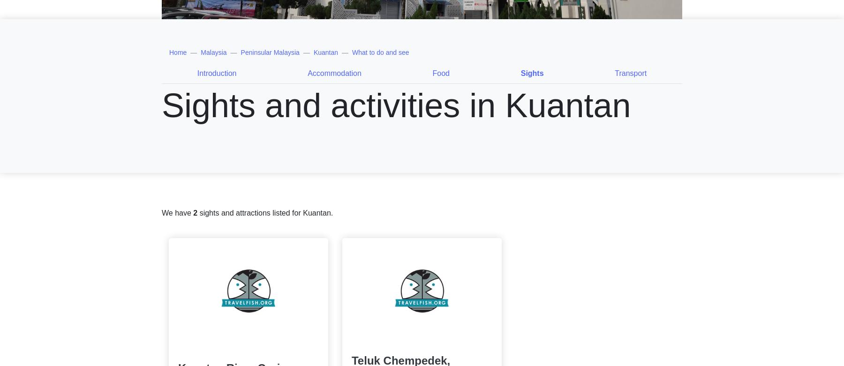 The image size is (844, 366). I want to click on 'Malaysia', so click(213, 52).